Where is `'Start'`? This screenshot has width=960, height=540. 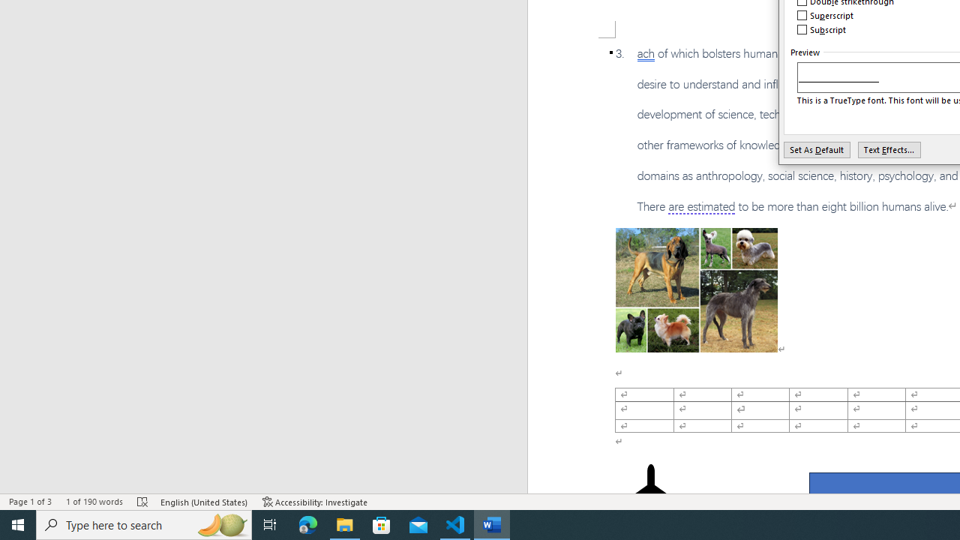 'Start' is located at coordinates (18, 523).